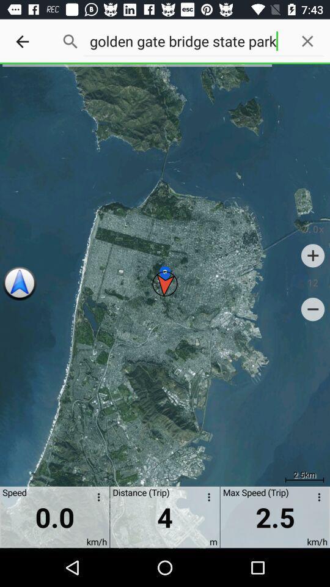 The height and width of the screenshot is (587, 330). Describe the element at coordinates (312, 254) in the screenshot. I see `the  icon` at that location.